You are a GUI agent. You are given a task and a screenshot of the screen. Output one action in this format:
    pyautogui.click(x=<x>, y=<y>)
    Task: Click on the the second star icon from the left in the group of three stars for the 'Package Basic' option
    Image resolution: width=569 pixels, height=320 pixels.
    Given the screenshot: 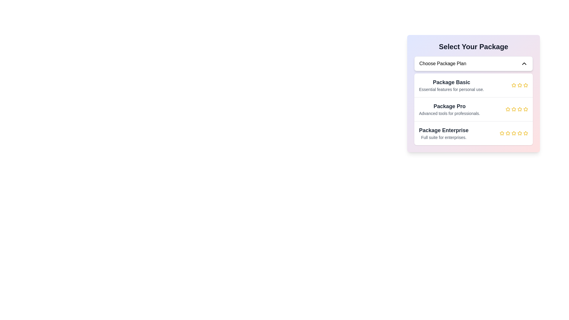 What is the action you would take?
    pyautogui.click(x=519, y=85)
    